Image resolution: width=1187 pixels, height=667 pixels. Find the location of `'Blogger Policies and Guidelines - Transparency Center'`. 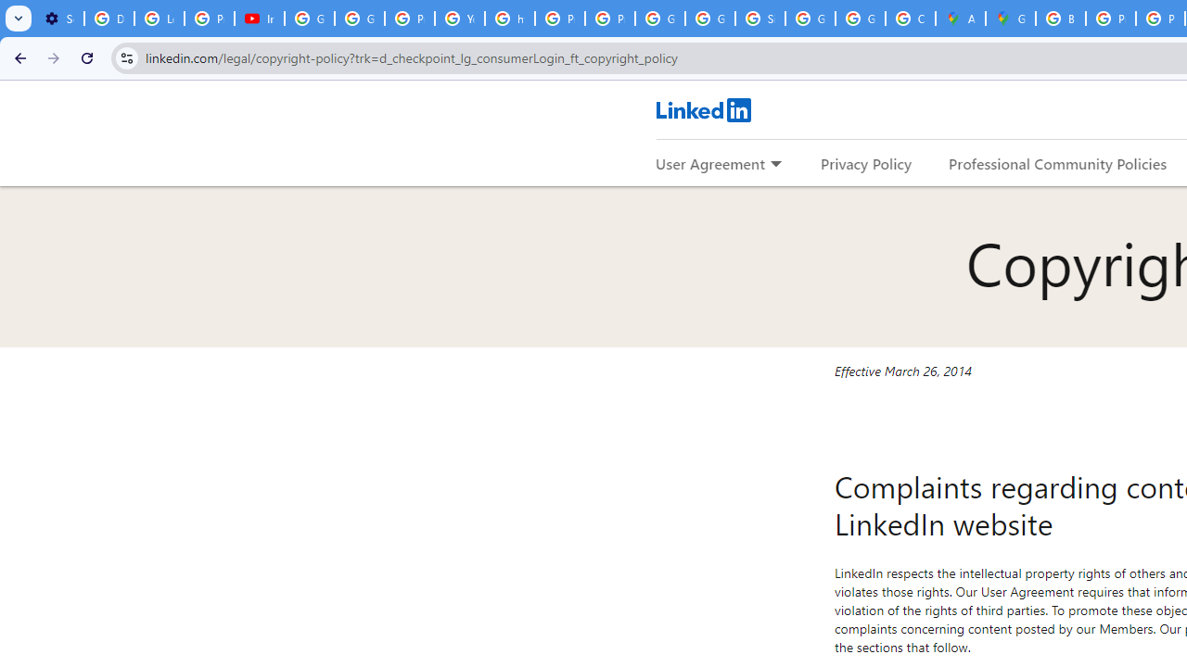

'Blogger Policies and Guidelines - Transparency Center' is located at coordinates (1061, 19).